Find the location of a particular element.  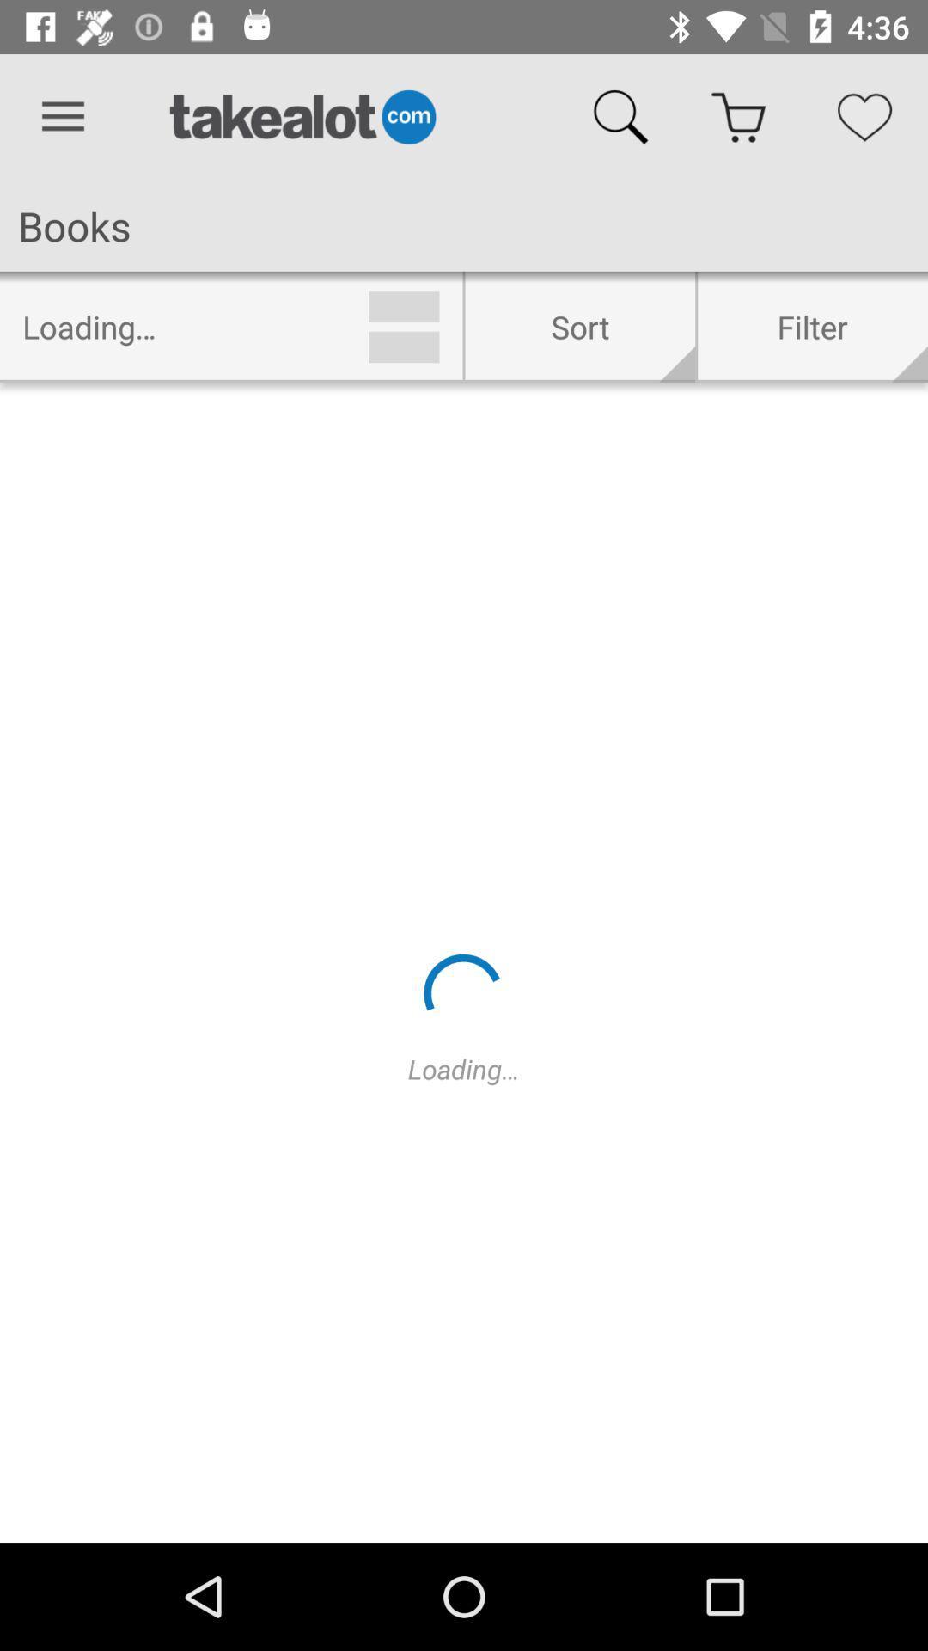

the icon above books item is located at coordinates (62, 116).